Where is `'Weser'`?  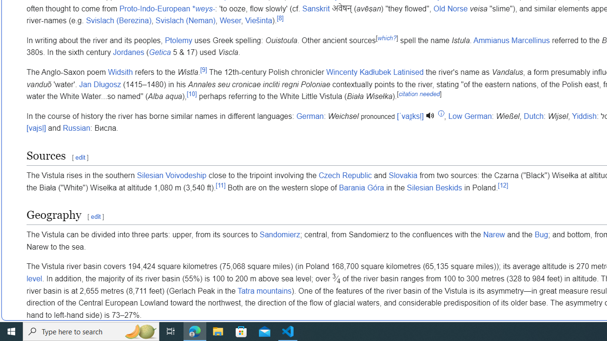
'Weser' is located at coordinates (230, 21).